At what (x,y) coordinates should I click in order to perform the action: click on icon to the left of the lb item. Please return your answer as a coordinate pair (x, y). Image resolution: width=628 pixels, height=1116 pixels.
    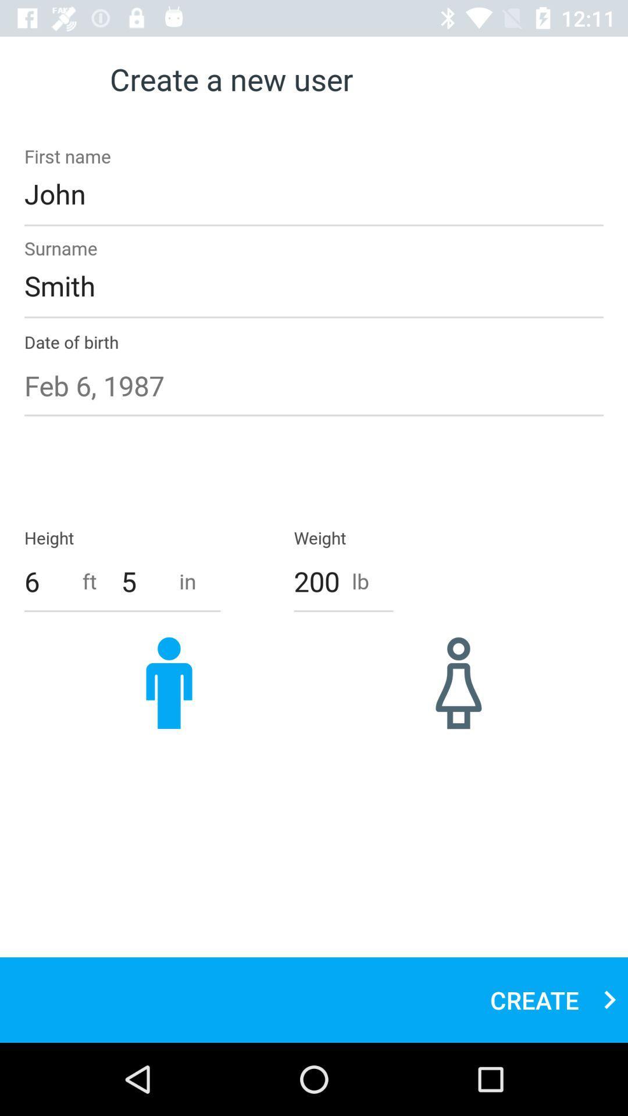
    Looking at the image, I should click on (316, 581).